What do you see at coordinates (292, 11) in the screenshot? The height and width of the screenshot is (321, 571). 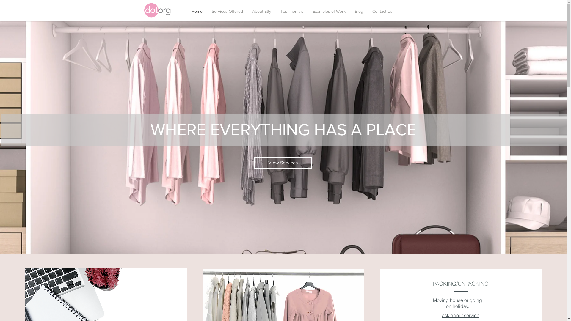 I see `'Testimonials'` at bounding box center [292, 11].